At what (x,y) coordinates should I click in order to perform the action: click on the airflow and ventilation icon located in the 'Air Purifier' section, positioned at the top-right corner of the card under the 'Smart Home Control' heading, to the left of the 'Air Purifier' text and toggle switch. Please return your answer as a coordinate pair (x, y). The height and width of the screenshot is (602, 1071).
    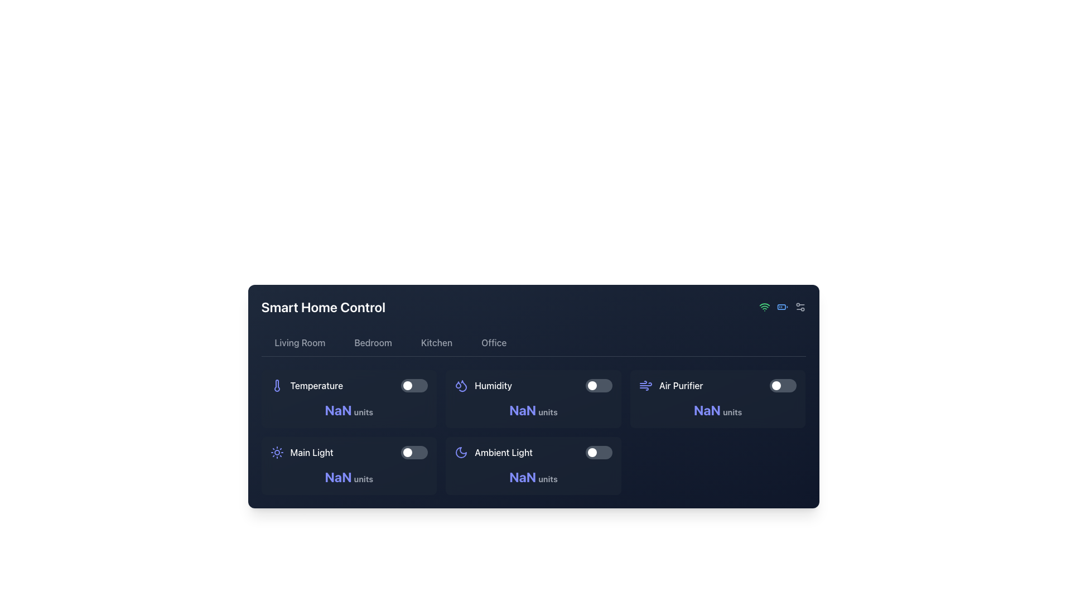
    Looking at the image, I should click on (645, 385).